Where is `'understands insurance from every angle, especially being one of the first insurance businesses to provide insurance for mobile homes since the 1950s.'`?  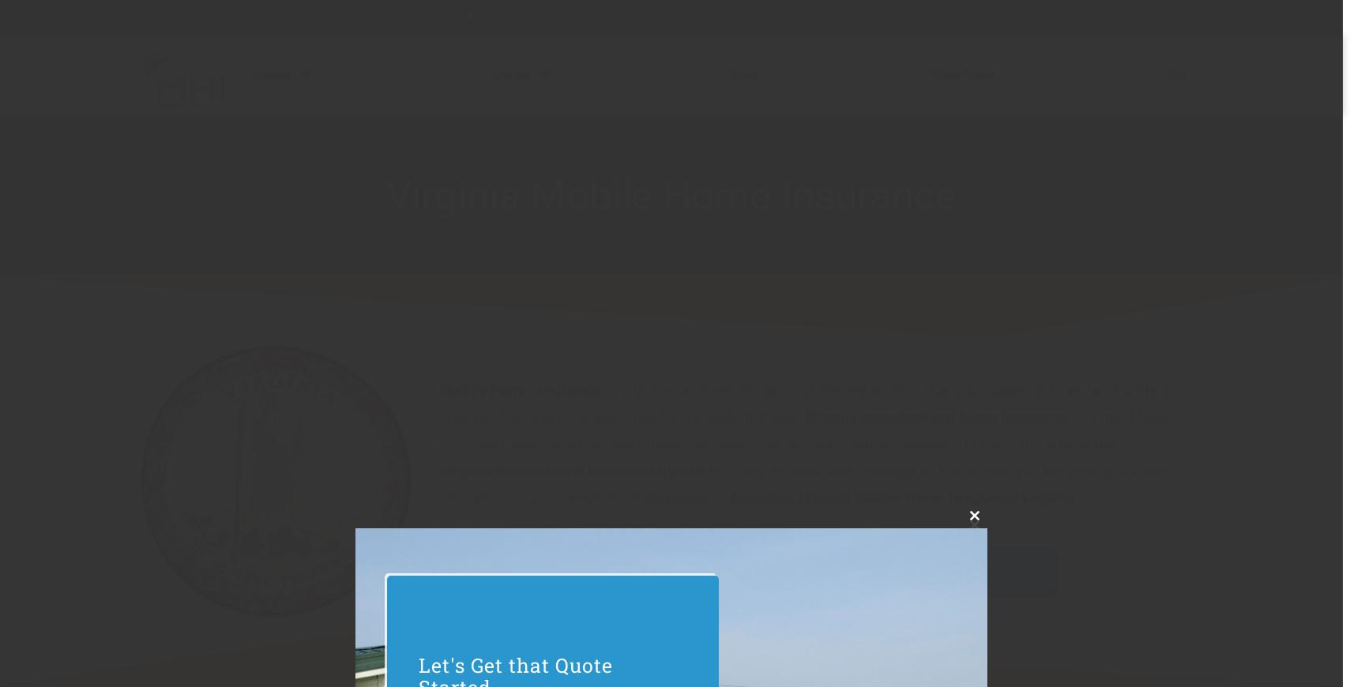 'understands insurance from every angle, especially being one of the first insurance businesses to provide insurance for mobile homes since the 1950s.' is located at coordinates (345, 191).